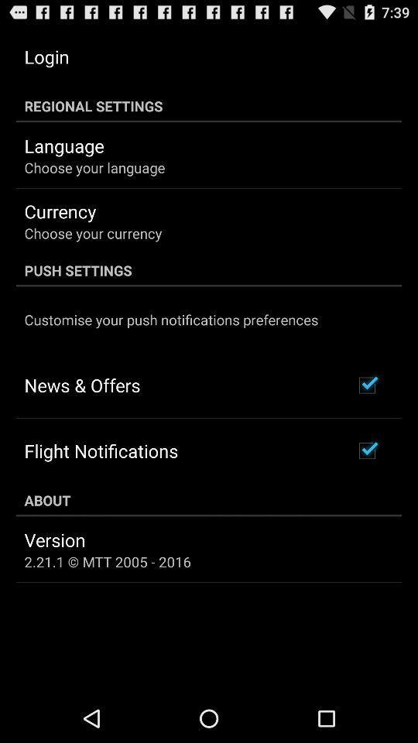 This screenshot has width=418, height=743. What do you see at coordinates (209, 270) in the screenshot?
I see `the icon below the choose your currency` at bounding box center [209, 270].